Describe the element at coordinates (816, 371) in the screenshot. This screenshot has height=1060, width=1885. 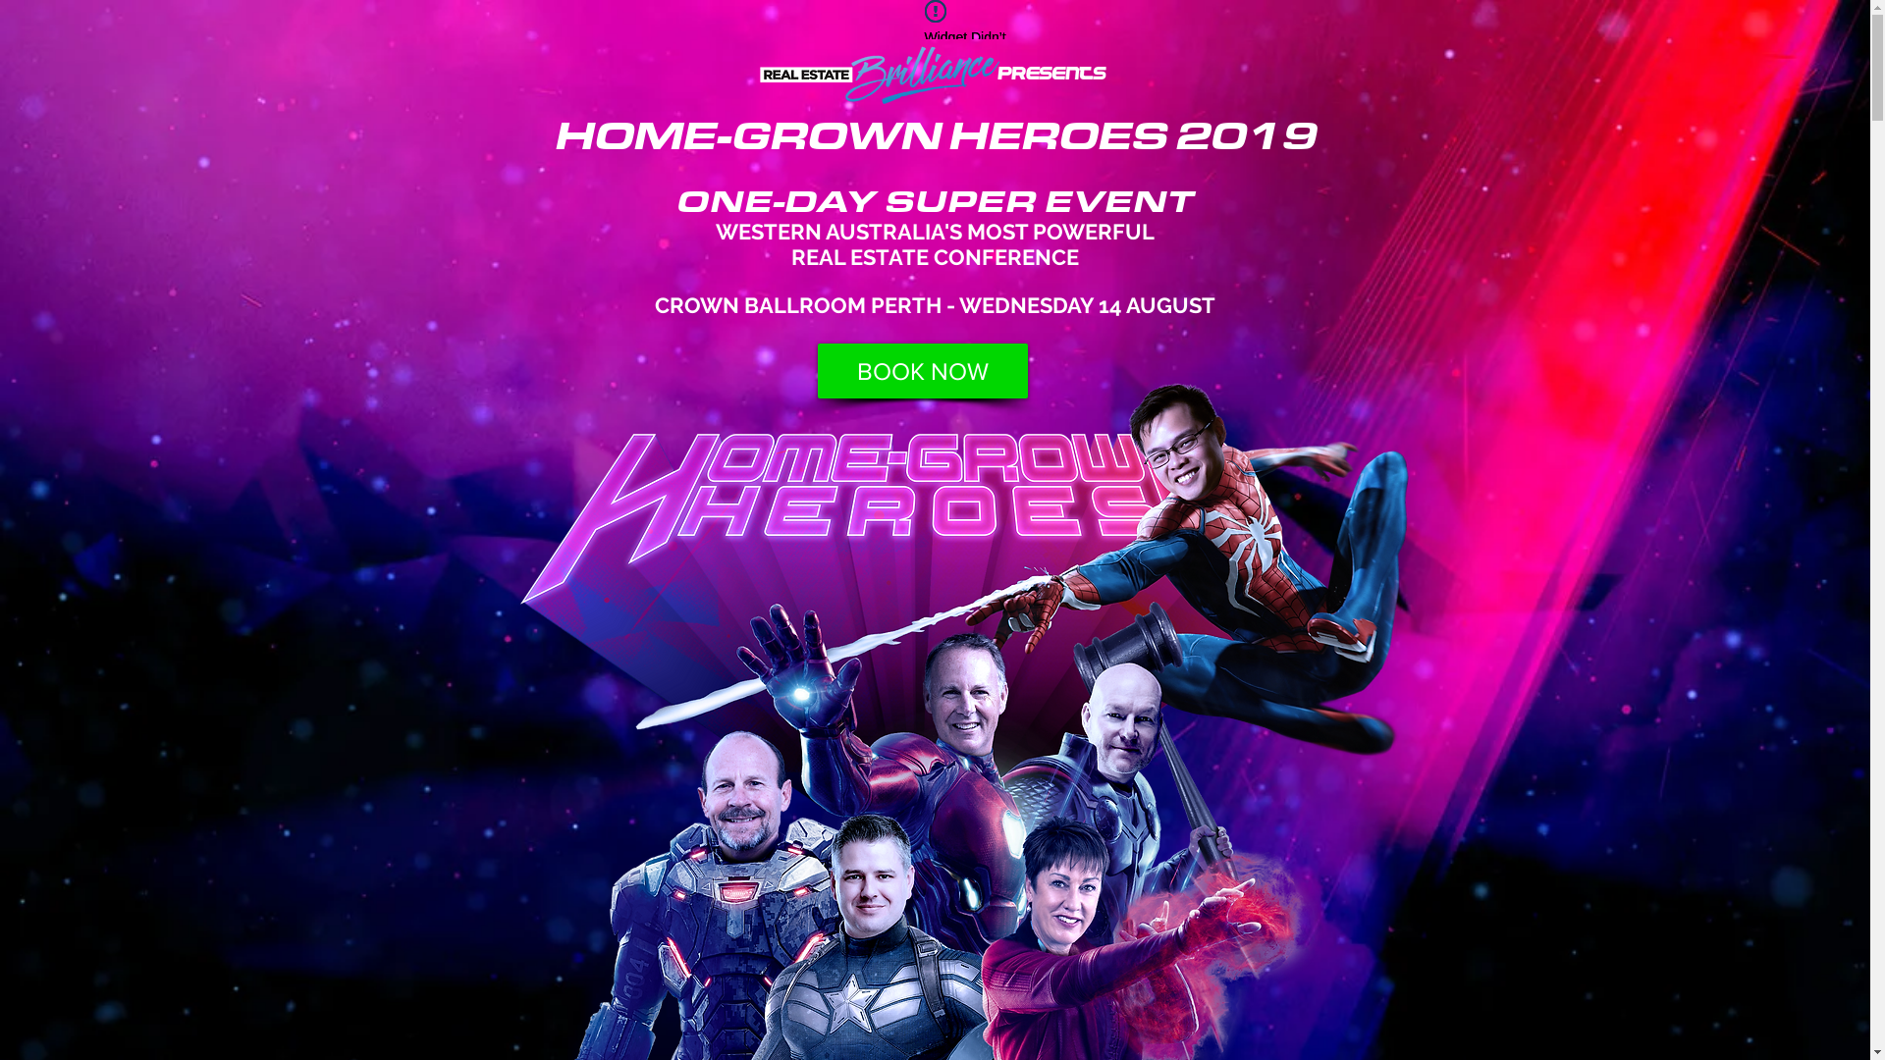
I see `'BOOK NOW'` at that location.